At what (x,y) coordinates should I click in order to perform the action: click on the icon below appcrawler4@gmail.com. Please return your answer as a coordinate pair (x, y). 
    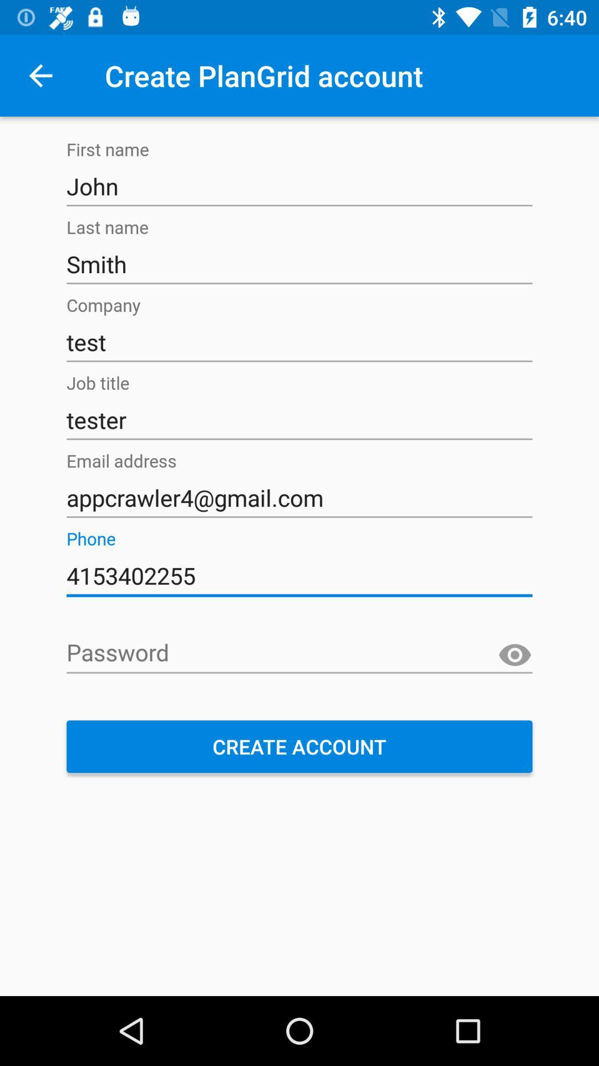
    Looking at the image, I should click on (299, 576).